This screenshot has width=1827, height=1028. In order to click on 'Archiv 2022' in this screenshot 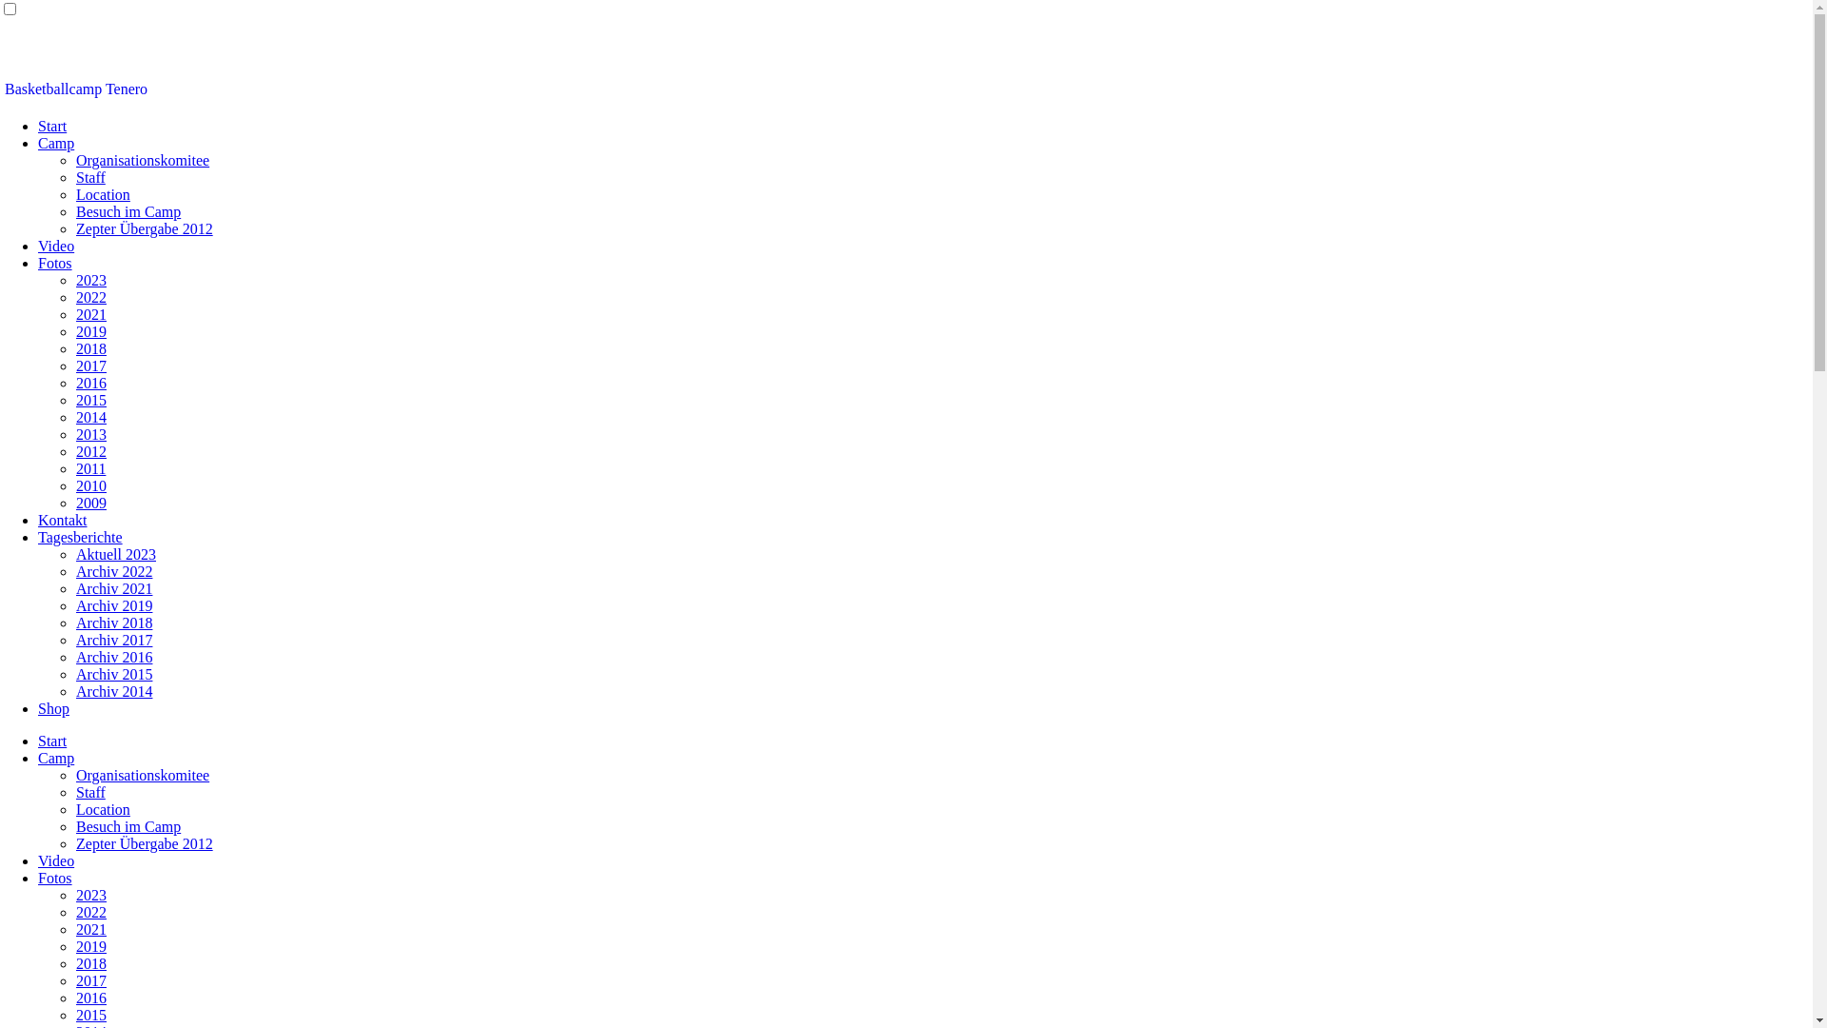, I will do `click(113, 570)`.